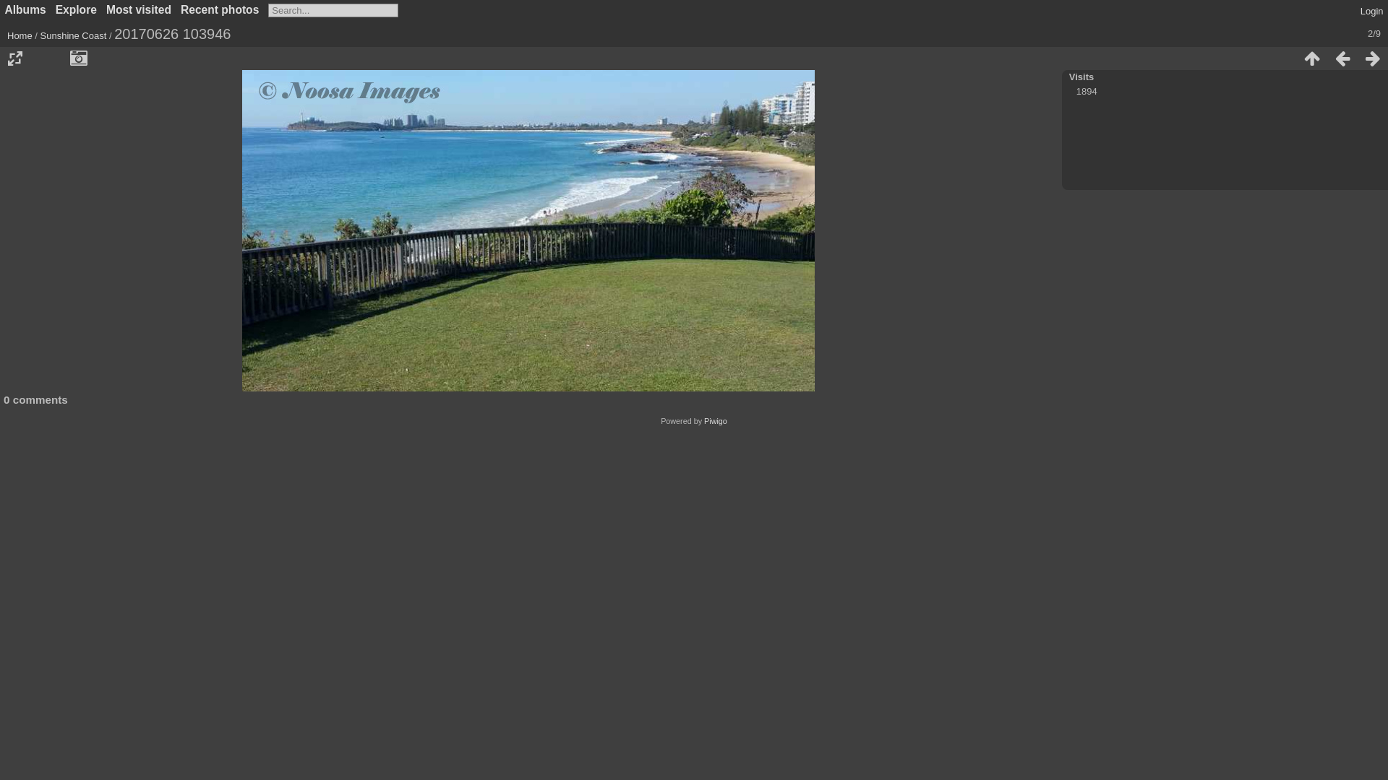  Describe the element at coordinates (14, 58) in the screenshot. I see `'Photo sizes'` at that location.